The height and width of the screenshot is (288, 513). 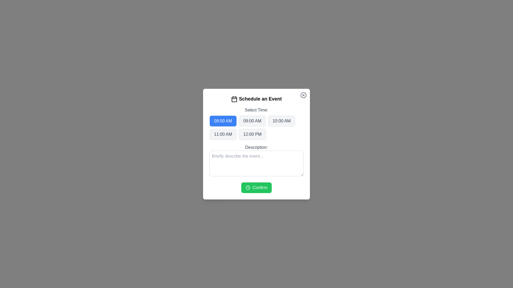 What do you see at coordinates (223, 134) in the screenshot?
I see `the button that allows the user to select the time of 11:00 AM, which is the fourth button in a horizontal group of five options` at bounding box center [223, 134].